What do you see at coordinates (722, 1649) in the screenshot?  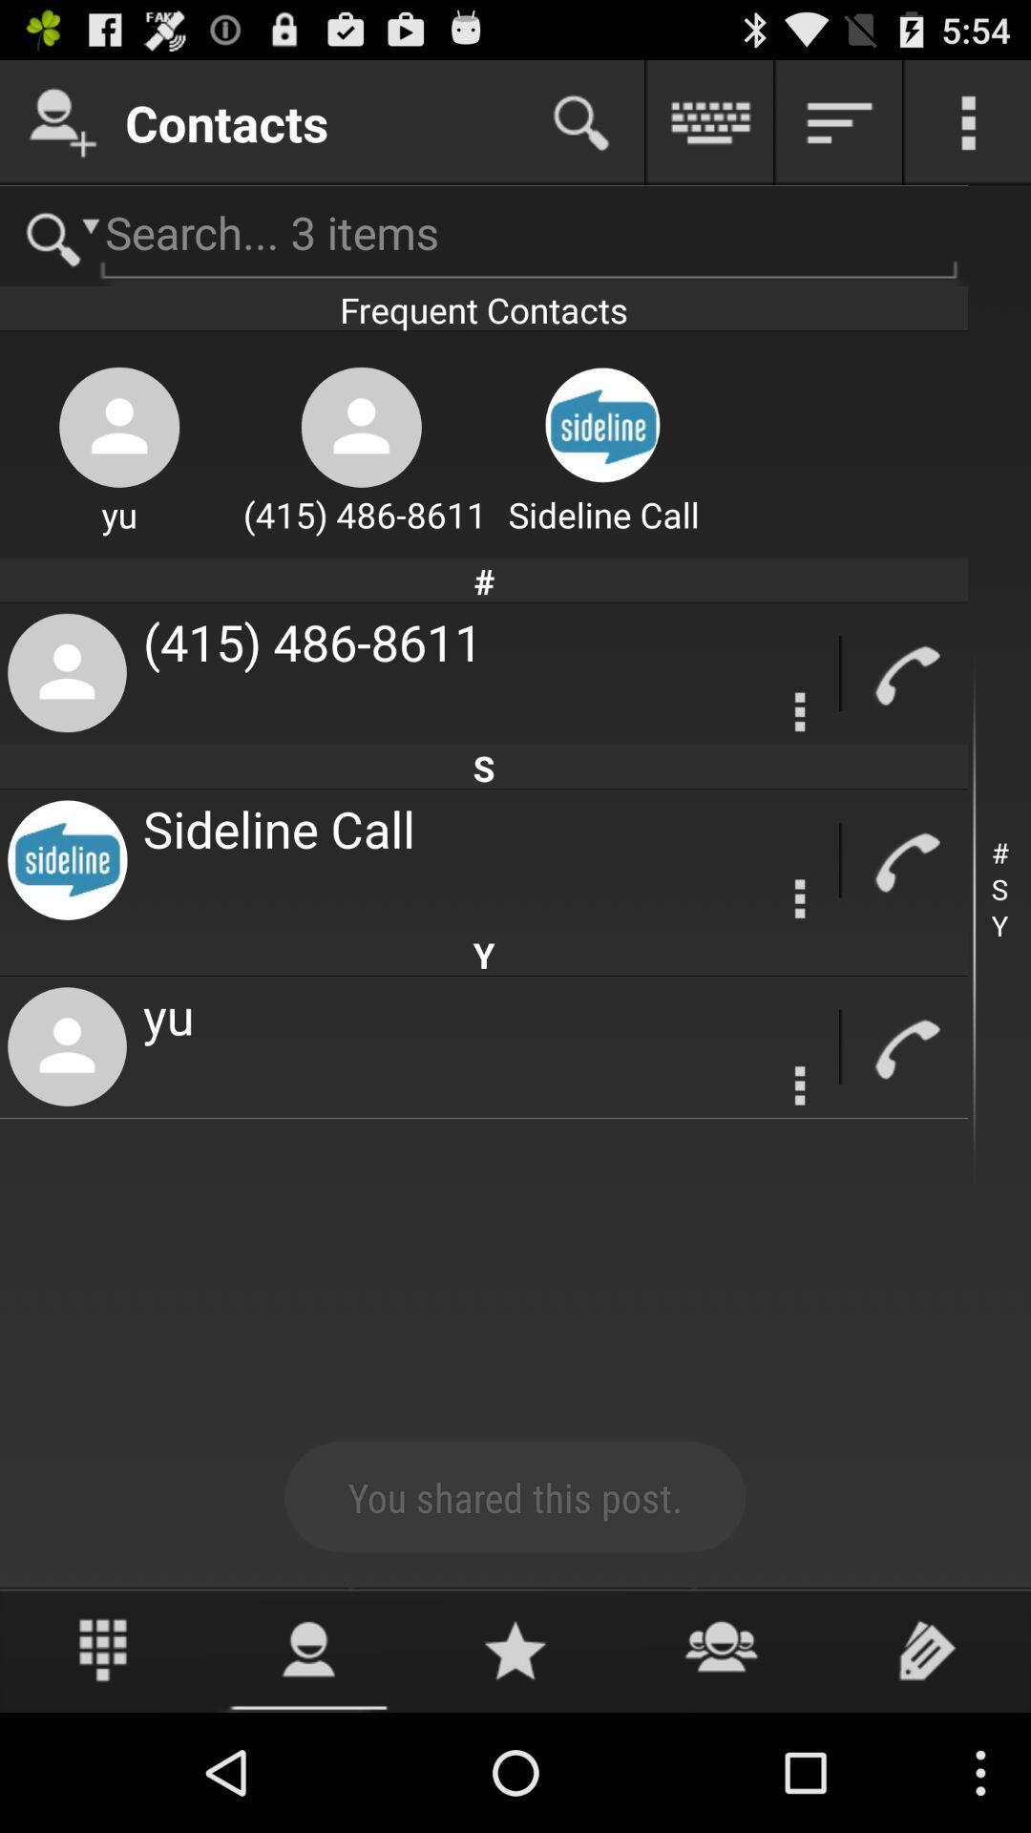 I see `share with friends` at bounding box center [722, 1649].